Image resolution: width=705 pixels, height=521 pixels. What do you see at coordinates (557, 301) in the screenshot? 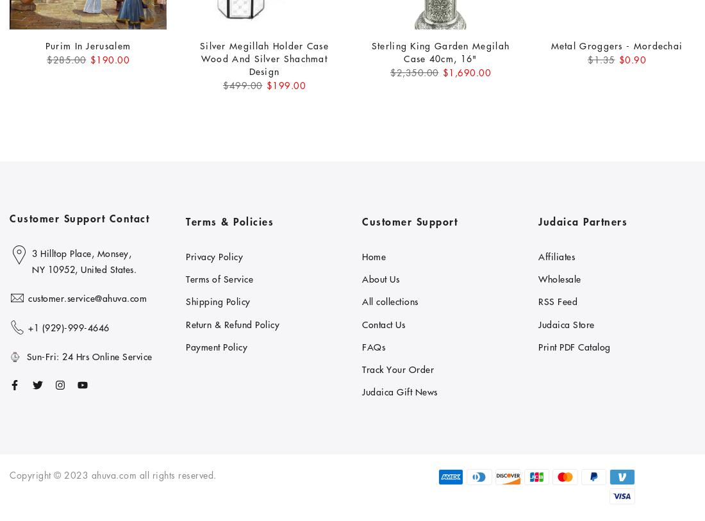
I see `'RSS Feed'` at bounding box center [557, 301].